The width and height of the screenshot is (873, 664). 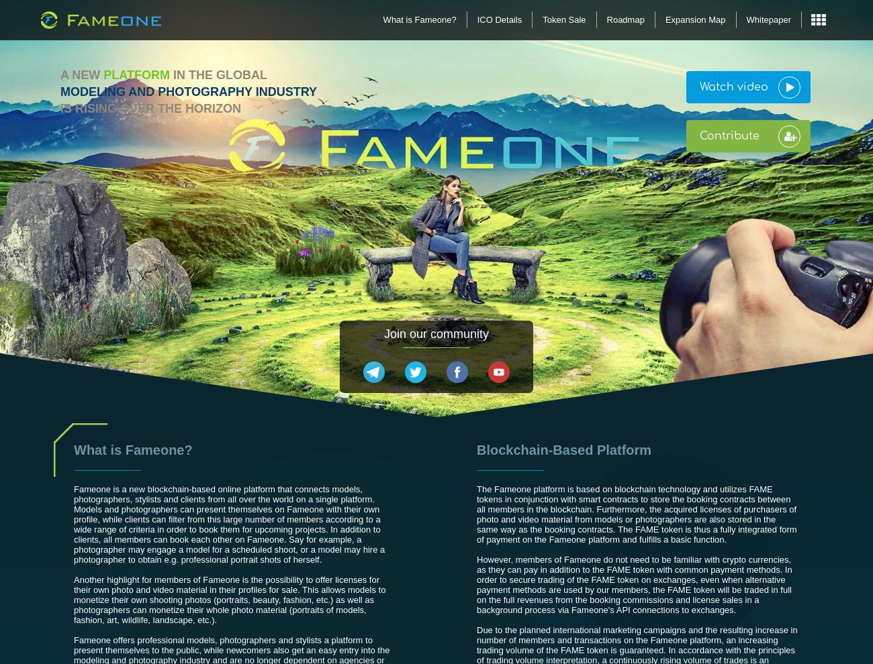 What do you see at coordinates (663, 19) in the screenshot?
I see `'Expansion Map'` at bounding box center [663, 19].